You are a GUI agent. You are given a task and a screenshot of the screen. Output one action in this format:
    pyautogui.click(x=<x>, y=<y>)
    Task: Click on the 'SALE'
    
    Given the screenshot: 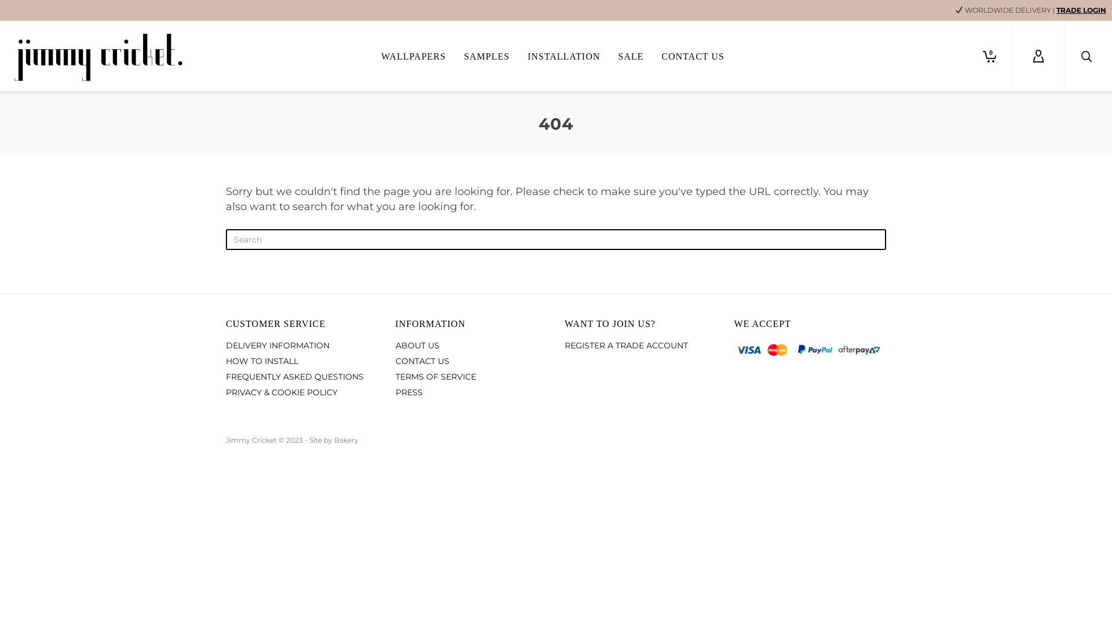 What is the action you would take?
    pyautogui.click(x=630, y=56)
    